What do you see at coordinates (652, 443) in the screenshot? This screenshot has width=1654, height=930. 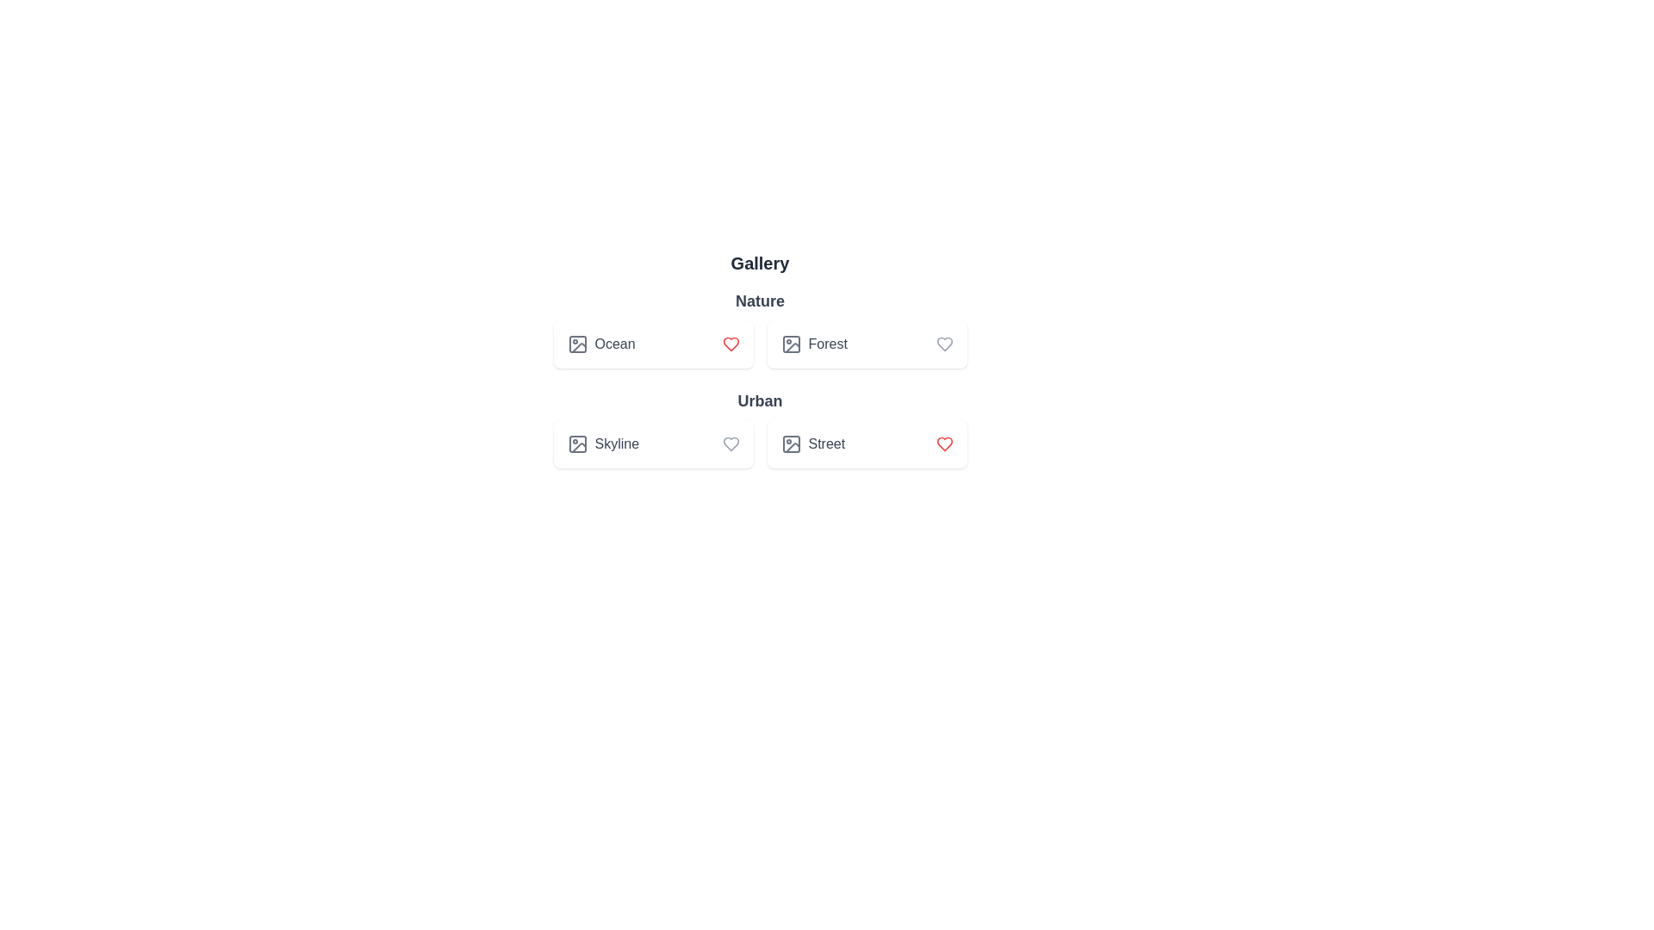 I see `the list item labeled Skyline` at bounding box center [652, 443].